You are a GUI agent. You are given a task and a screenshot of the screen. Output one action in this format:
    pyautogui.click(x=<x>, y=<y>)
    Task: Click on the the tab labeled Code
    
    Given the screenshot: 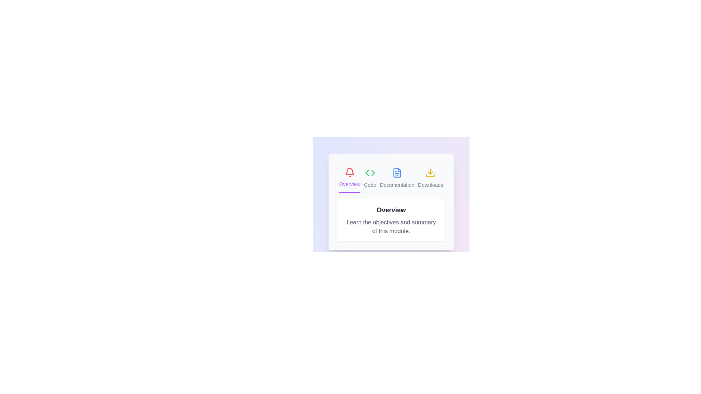 What is the action you would take?
    pyautogui.click(x=370, y=178)
    